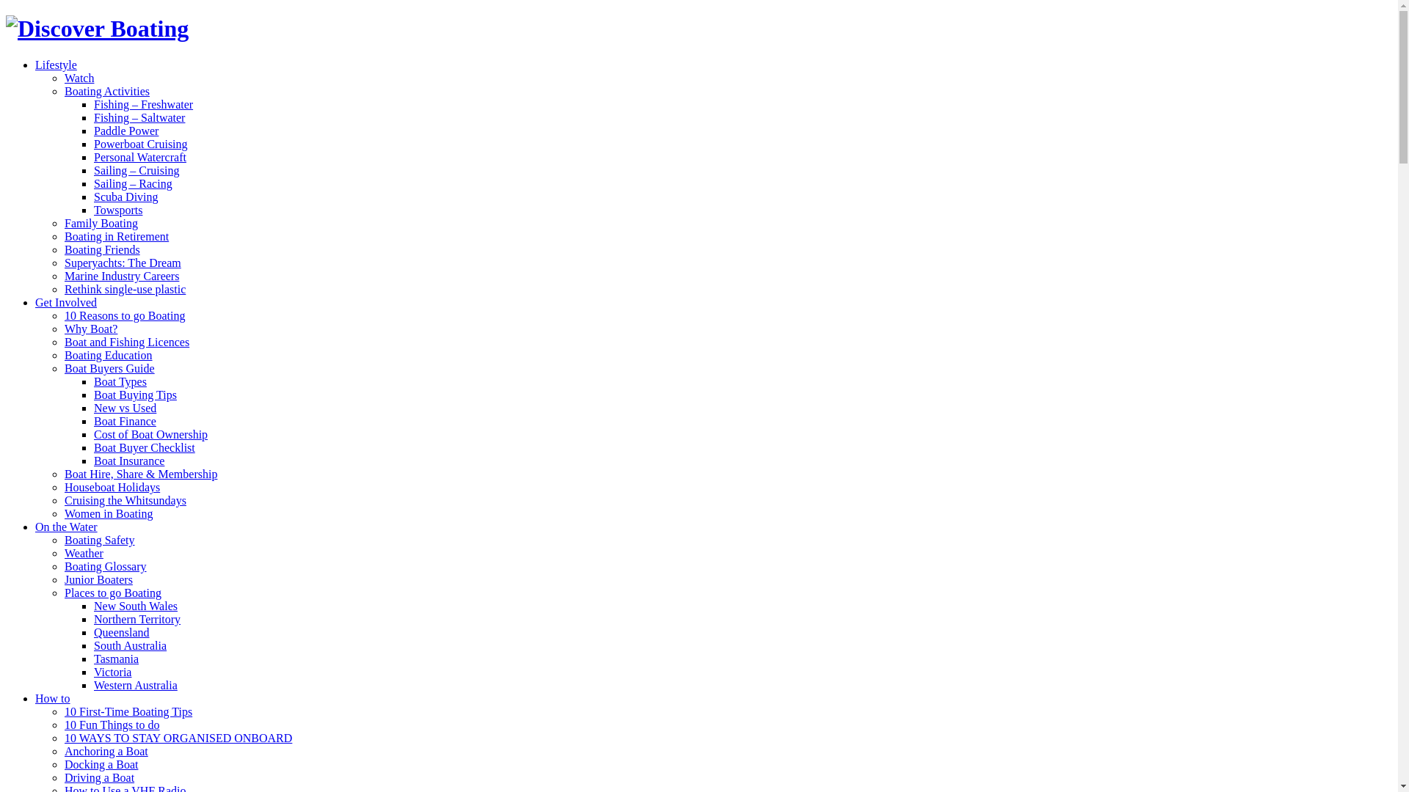 The width and height of the screenshot is (1409, 792). Describe the element at coordinates (65, 526) in the screenshot. I see `'On the Water'` at that location.